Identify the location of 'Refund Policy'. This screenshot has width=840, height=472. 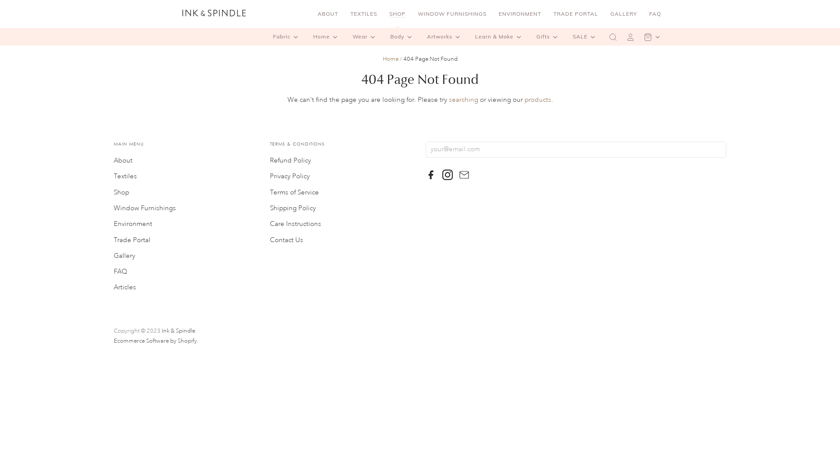
(290, 160).